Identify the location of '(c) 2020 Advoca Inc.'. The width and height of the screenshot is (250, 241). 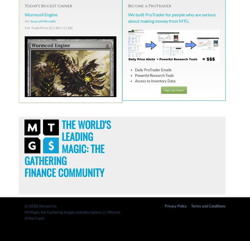
(24, 206).